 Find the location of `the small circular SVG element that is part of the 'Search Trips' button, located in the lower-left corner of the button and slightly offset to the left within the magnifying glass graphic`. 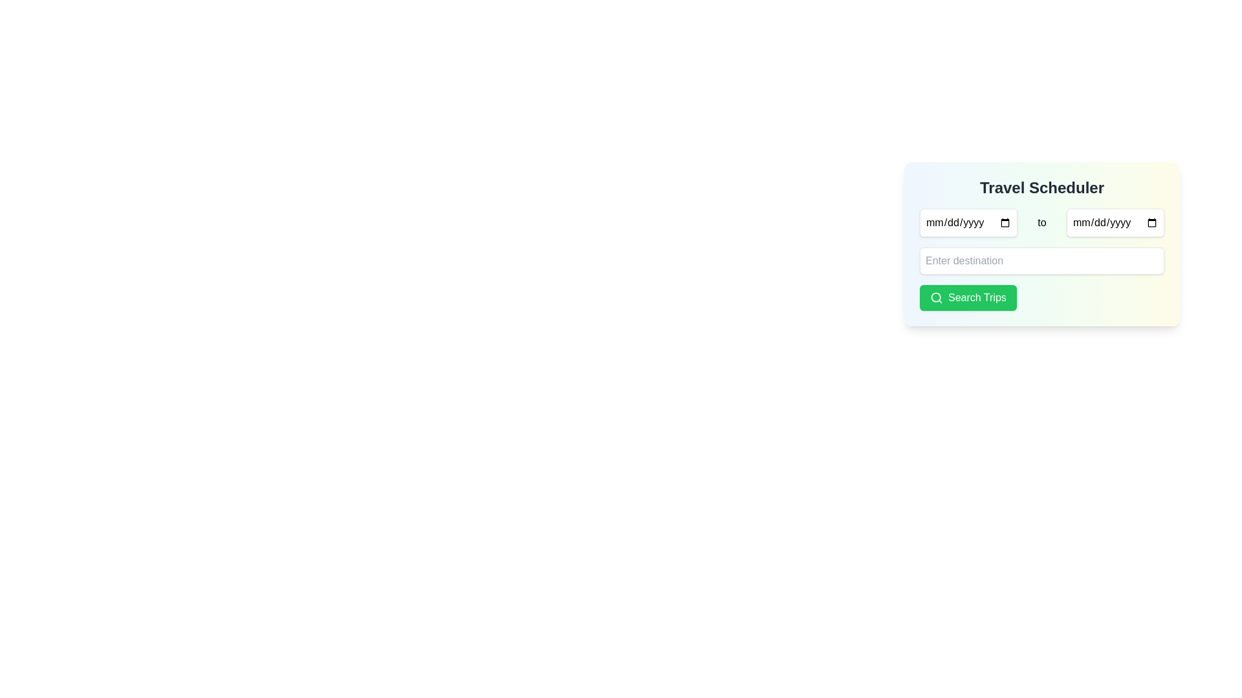

the small circular SVG element that is part of the 'Search Trips' button, located in the lower-left corner of the button and slightly offset to the left within the magnifying glass graphic is located at coordinates (936, 297).